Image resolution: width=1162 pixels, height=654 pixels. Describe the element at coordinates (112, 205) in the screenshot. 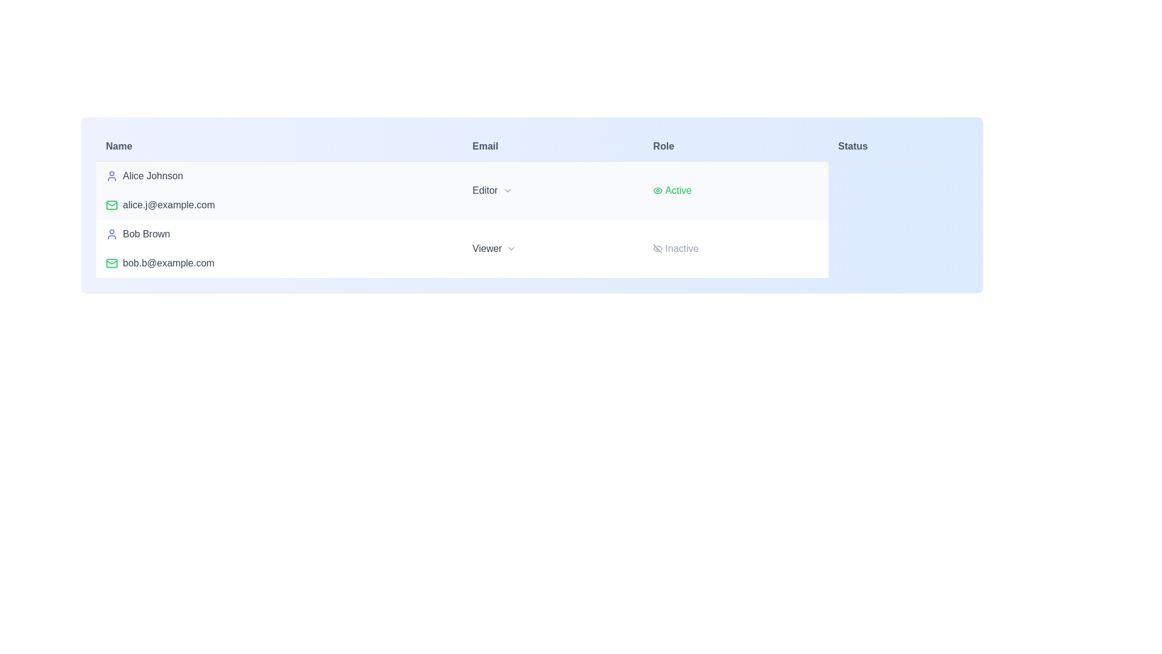

I see `the email icon associated with 'alice.j@example.com' in the email list` at that location.